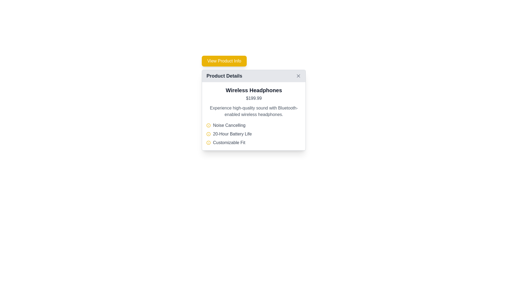  I want to click on the bold 'Product Details' text label located at the top left of the header section of the card interface, so click(224, 76).